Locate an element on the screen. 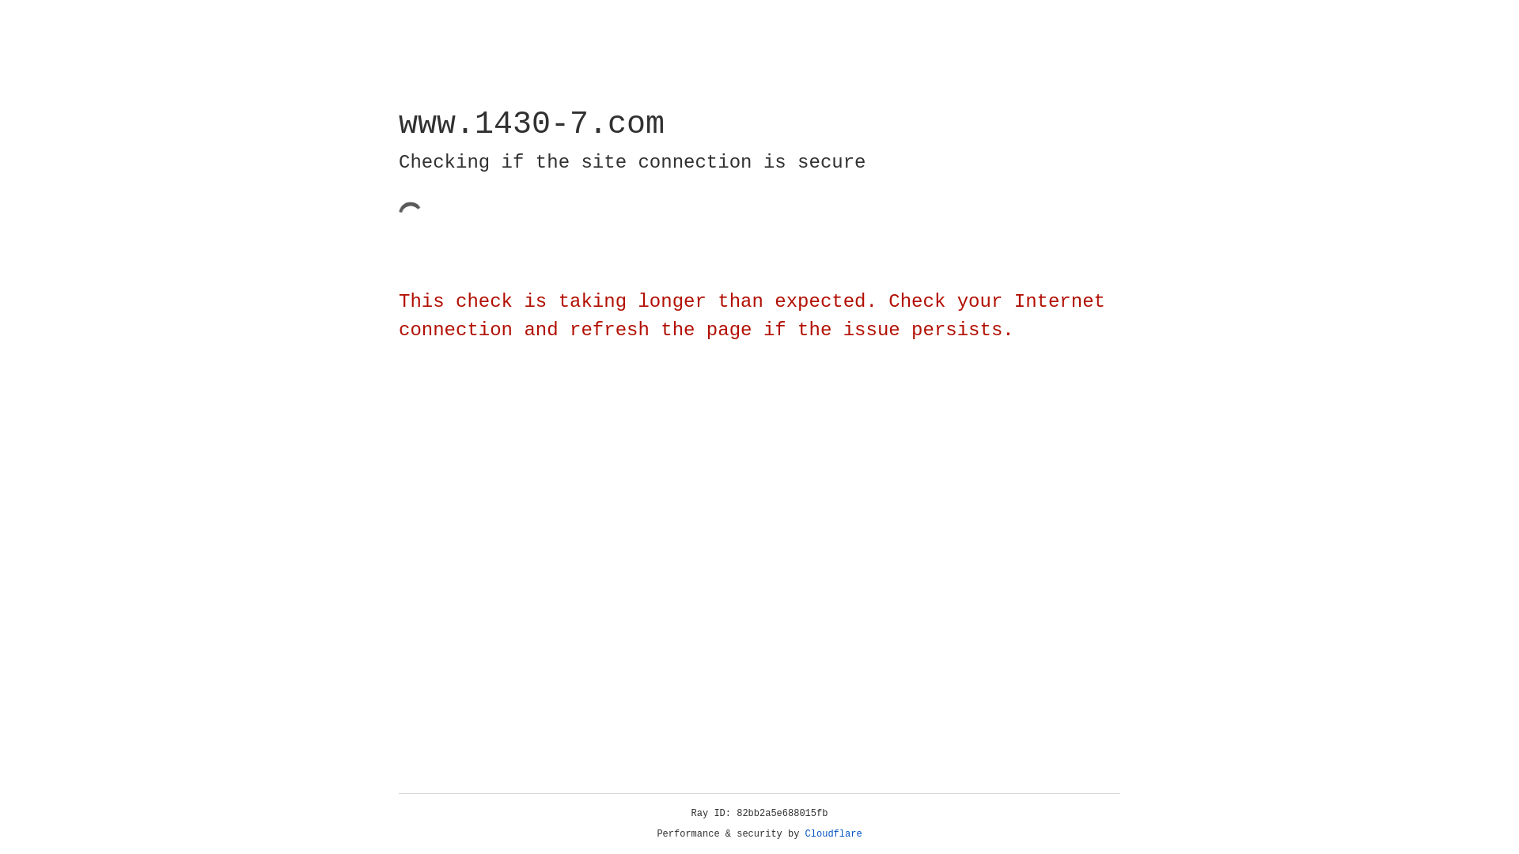 Image resolution: width=1519 pixels, height=854 pixels. 'Cloudflare' is located at coordinates (833, 833).